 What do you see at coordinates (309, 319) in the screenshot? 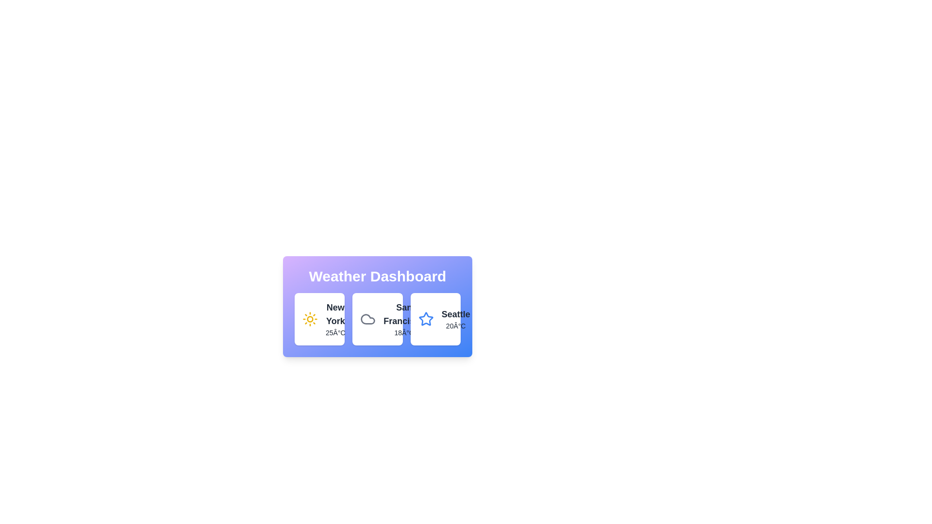
I see `the yellow circular shape that is the center of the sun icon in the New York weather card under the Weather Dashboard heading` at bounding box center [309, 319].